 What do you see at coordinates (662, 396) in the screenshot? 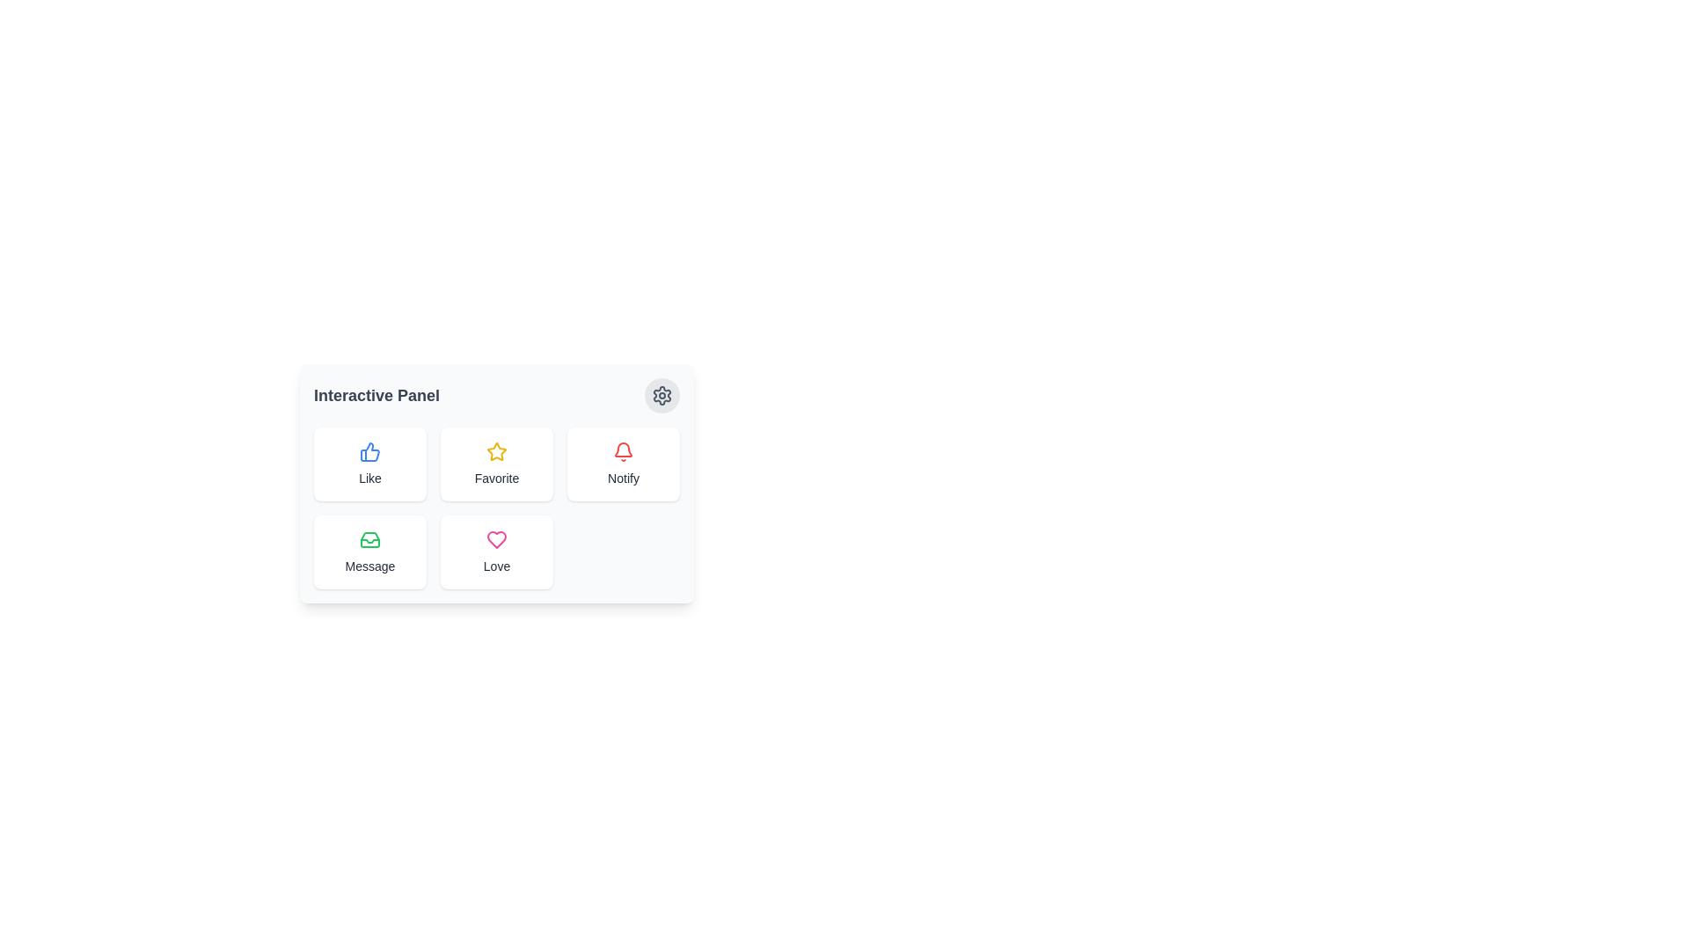
I see `the button located at the top-right corner of the 'Interactive Panel'` at bounding box center [662, 396].